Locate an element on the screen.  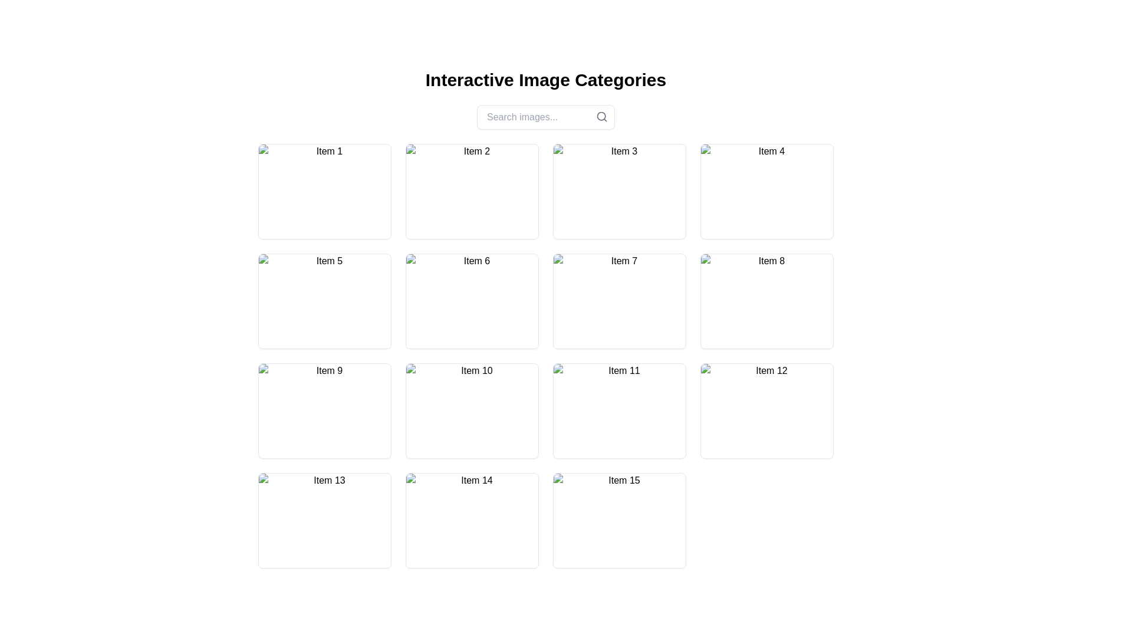
to select the second card from the left in the bottom row of the grid layout is located at coordinates (472, 520).